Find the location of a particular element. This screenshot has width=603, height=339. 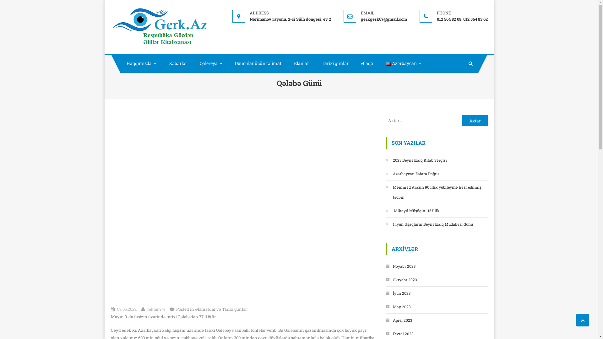

'Fevral 2023' is located at coordinates (399, 333).